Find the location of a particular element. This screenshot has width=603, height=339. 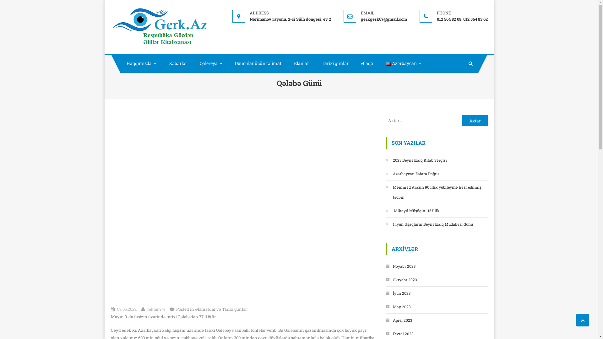

'Fevral 2023' is located at coordinates (399, 333).